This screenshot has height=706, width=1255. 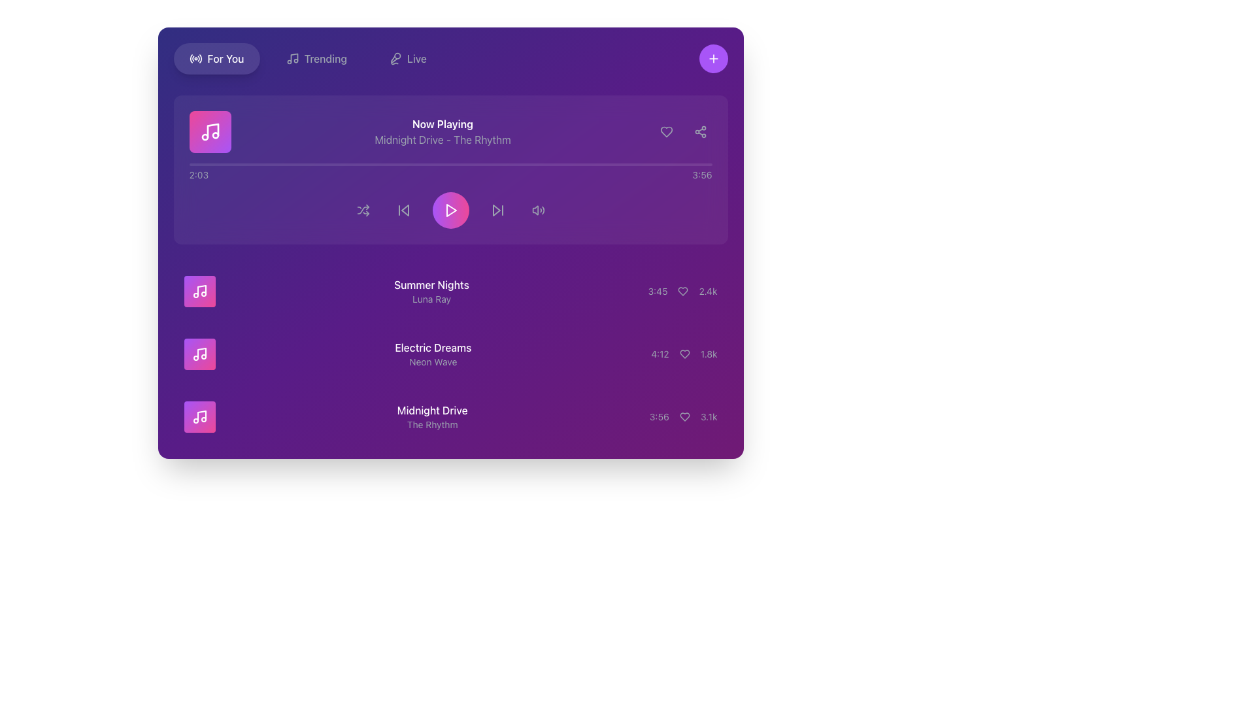 What do you see at coordinates (708, 354) in the screenshot?
I see `the static like count text element for the song 'Electric Dreams' by 'Neon Wave', located in the lower-right corner of its list entry` at bounding box center [708, 354].